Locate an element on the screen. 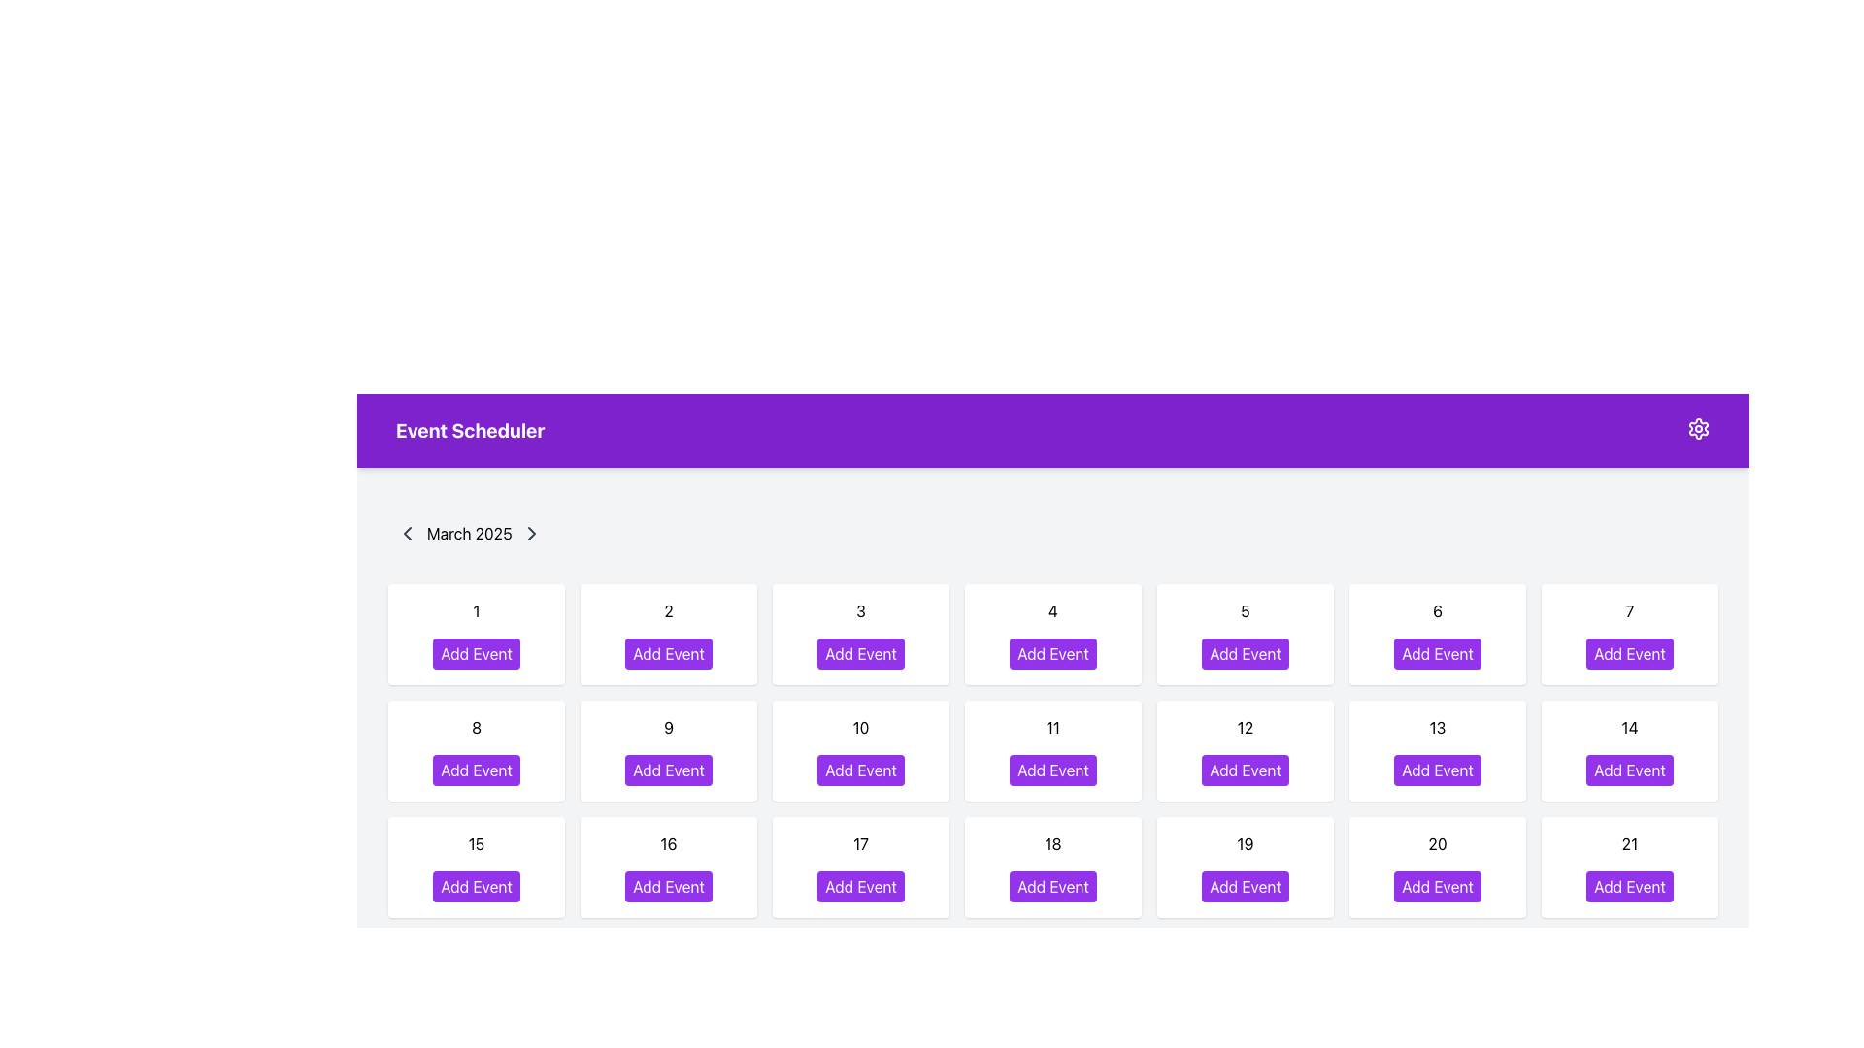 The width and height of the screenshot is (1864, 1048). the 'Add Event' button located at the center of the button with a vibrant purple background in the calendar grid layout is located at coordinates (1245, 887).